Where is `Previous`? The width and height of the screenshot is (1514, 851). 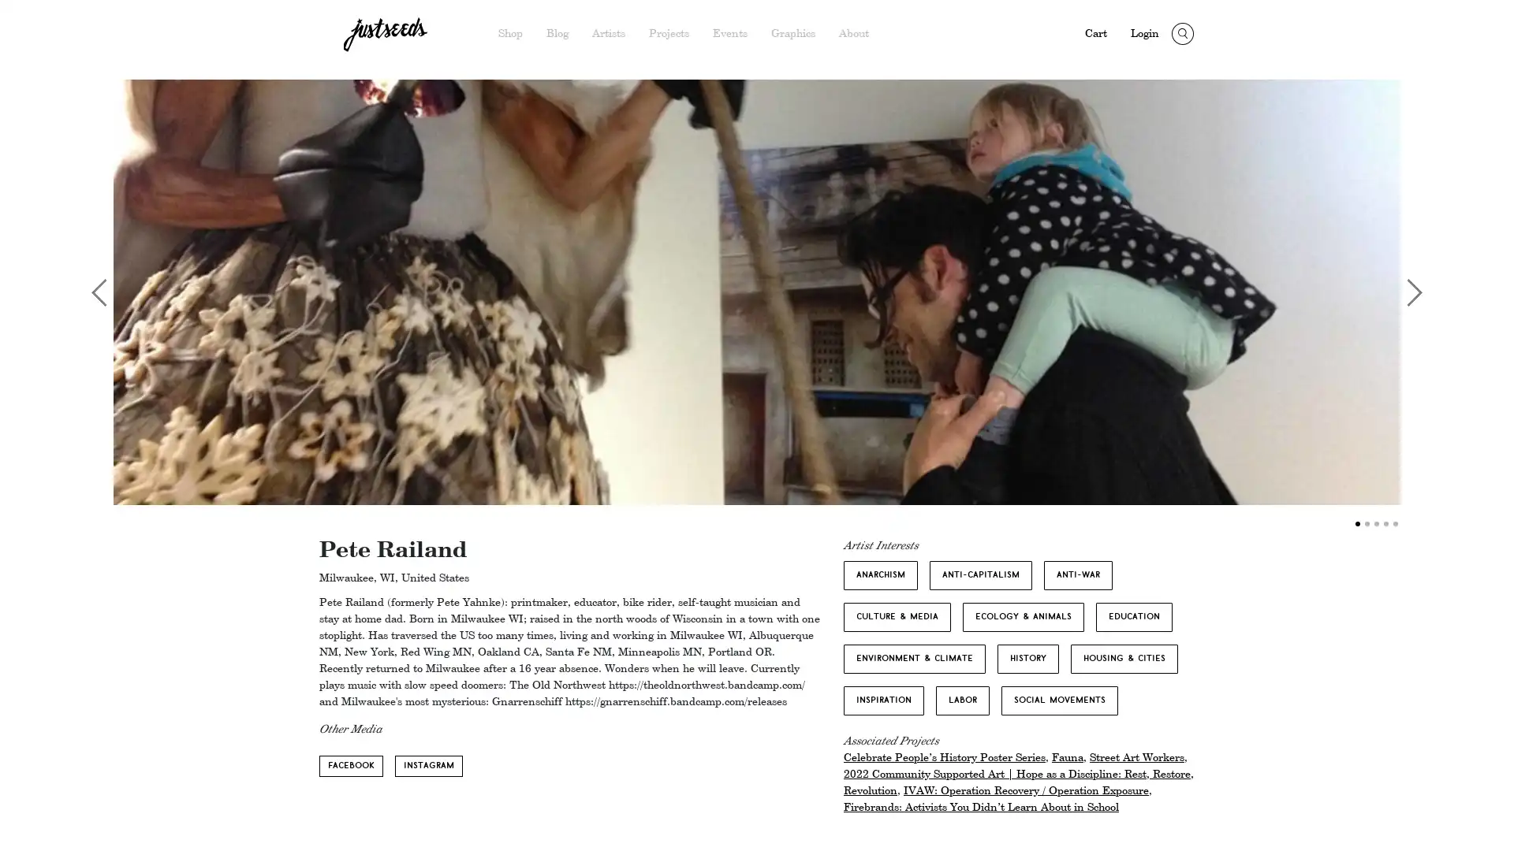 Previous is located at coordinates (104, 292).